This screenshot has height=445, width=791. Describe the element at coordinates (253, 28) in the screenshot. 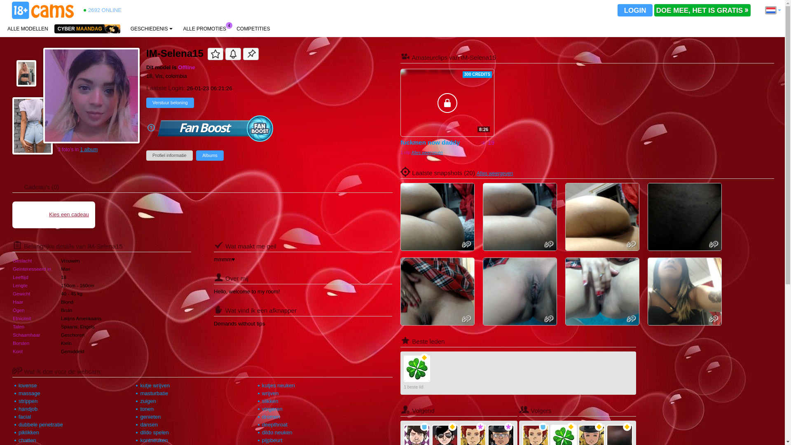

I see `'COMPETITIES'` at that location.